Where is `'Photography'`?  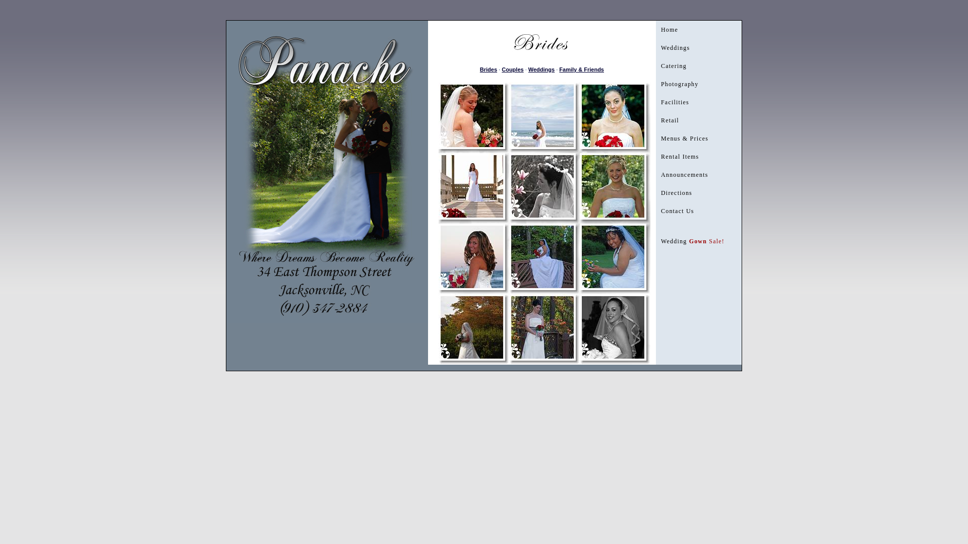
'Photography' is located at coordinates (698, 83).